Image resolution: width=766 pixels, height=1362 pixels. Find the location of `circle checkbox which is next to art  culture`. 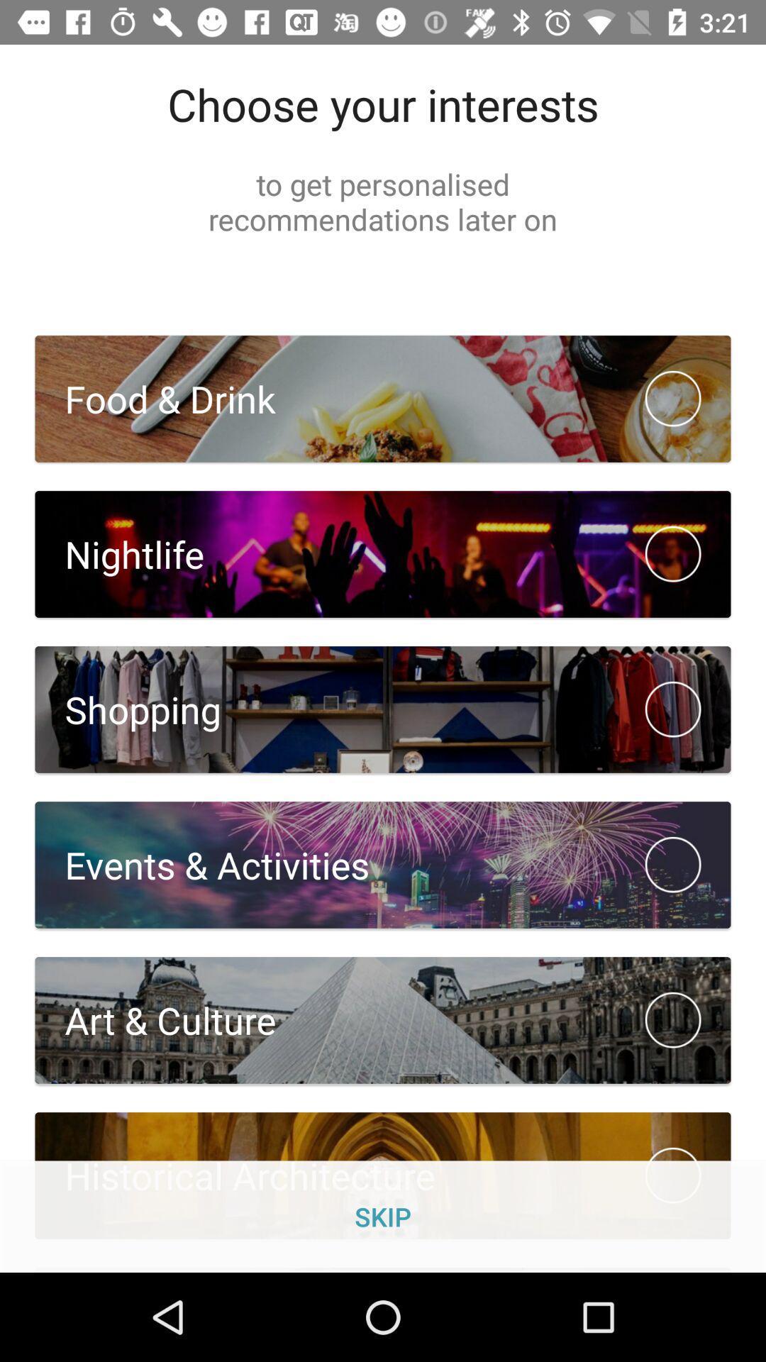

circle checkbox which is next to art  culture is located at coordinates (672, 1019).